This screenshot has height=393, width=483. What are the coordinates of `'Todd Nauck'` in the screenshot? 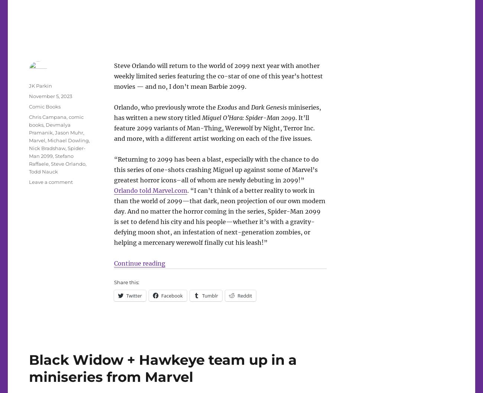 It's located at (43, 171).